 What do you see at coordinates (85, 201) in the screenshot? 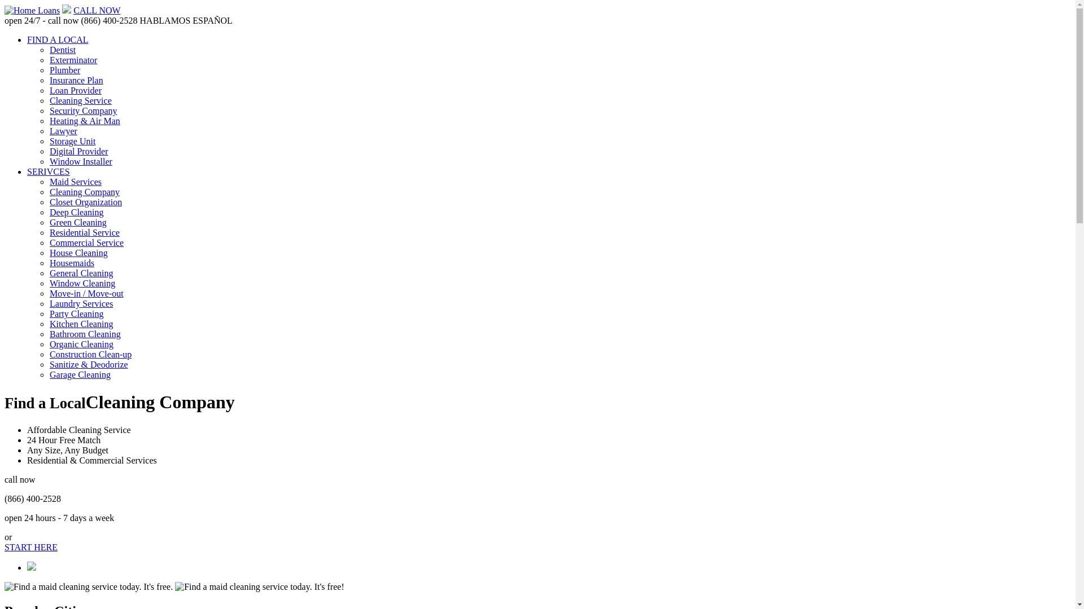
I see `'Closet Organization'` at bounding box center [85, 201].